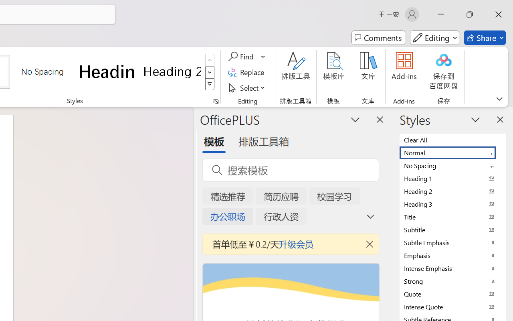  What do you see at coordinates (453, 255) in the screenshot?
I see `'Emphasis'` at bounding box center [453, 255].